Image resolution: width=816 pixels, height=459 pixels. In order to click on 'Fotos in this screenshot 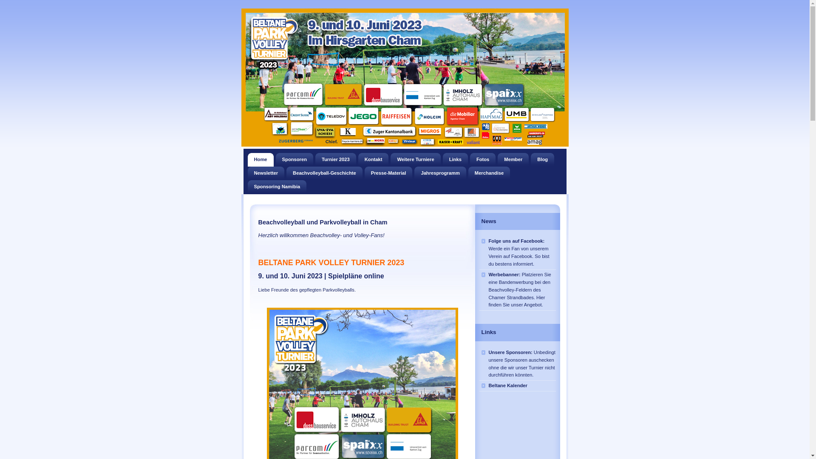, I will do `click(483, 159)`.